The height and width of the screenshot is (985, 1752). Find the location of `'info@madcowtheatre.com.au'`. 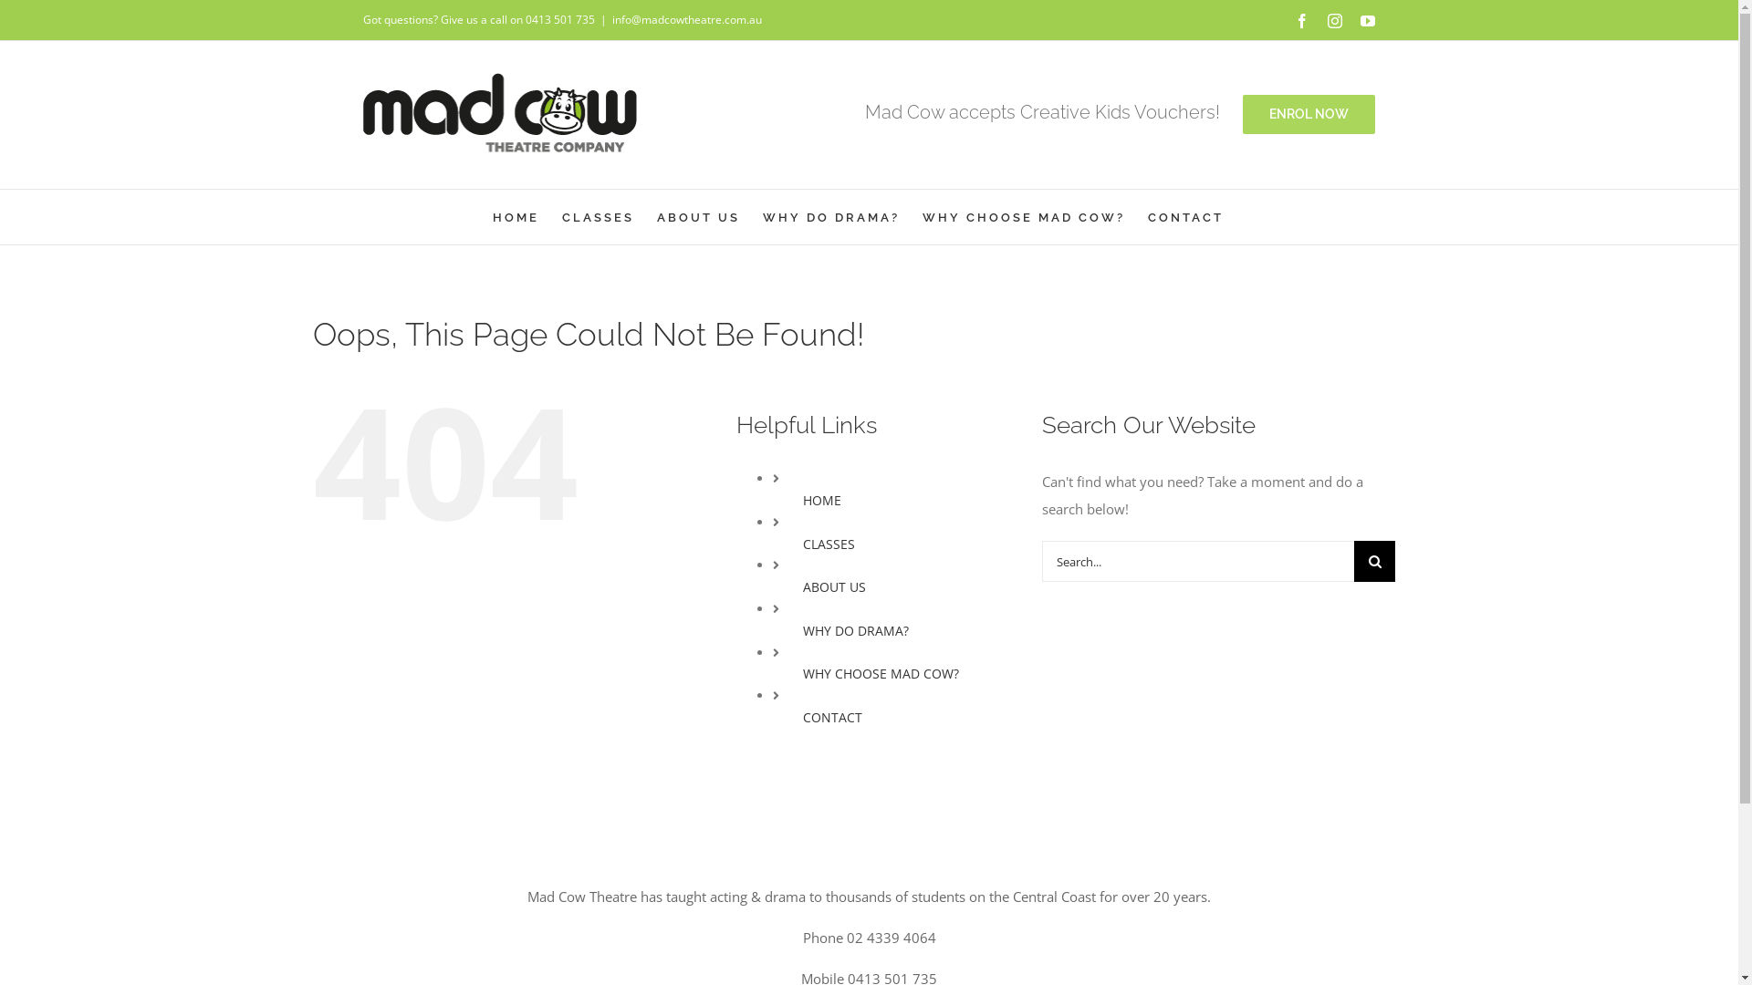

'info@madcowtheatre.com.au' is located at coordinates (686, 19).